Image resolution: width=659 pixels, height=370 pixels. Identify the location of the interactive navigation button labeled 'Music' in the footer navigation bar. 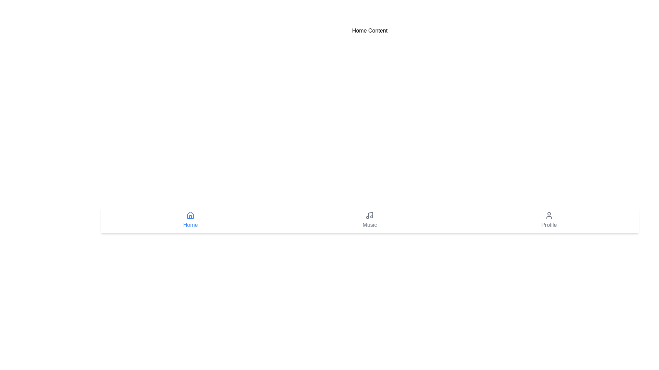
(369, 220).